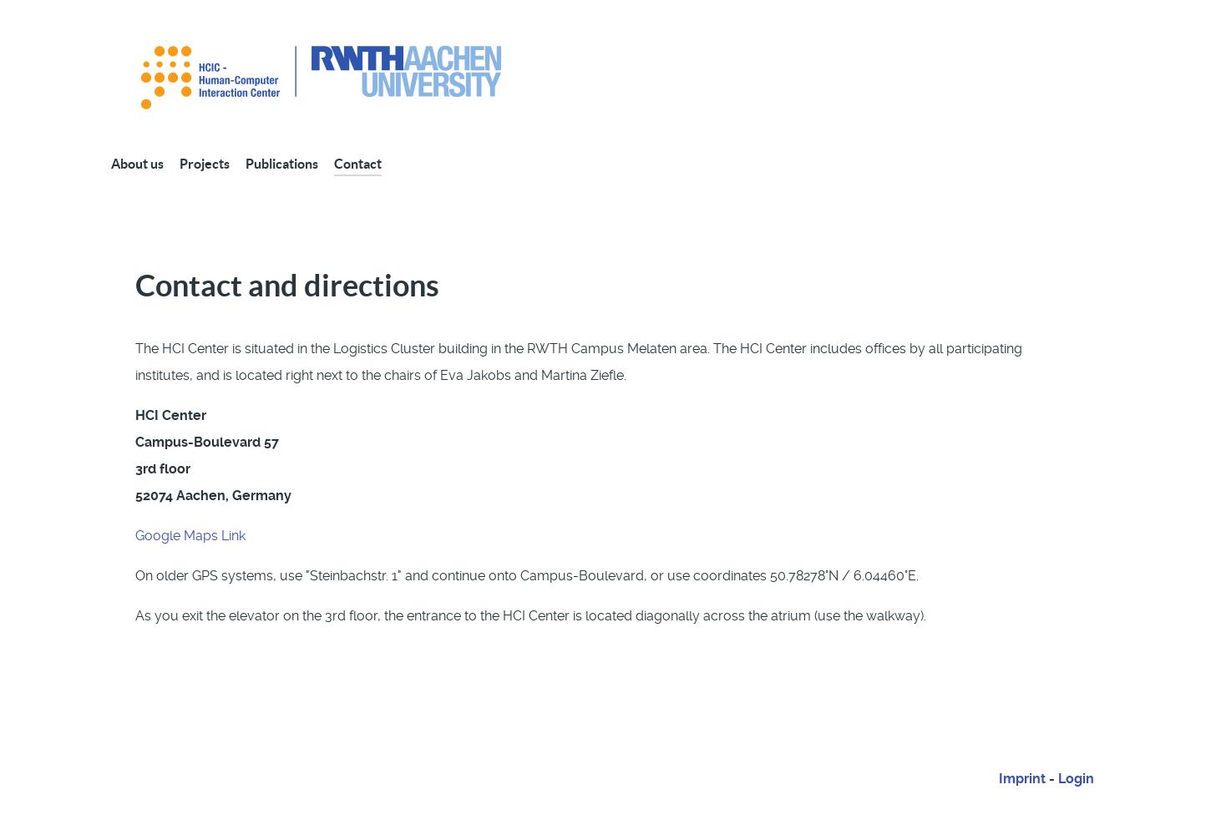 Image resolution: width=1211 pixels, height=835 pixels. I want to click on 'As you exit the elevator on the 3rd floor, the entrance to the HCI Center is located diagonally across the atrium (use the walkway).', so click(134, 614).